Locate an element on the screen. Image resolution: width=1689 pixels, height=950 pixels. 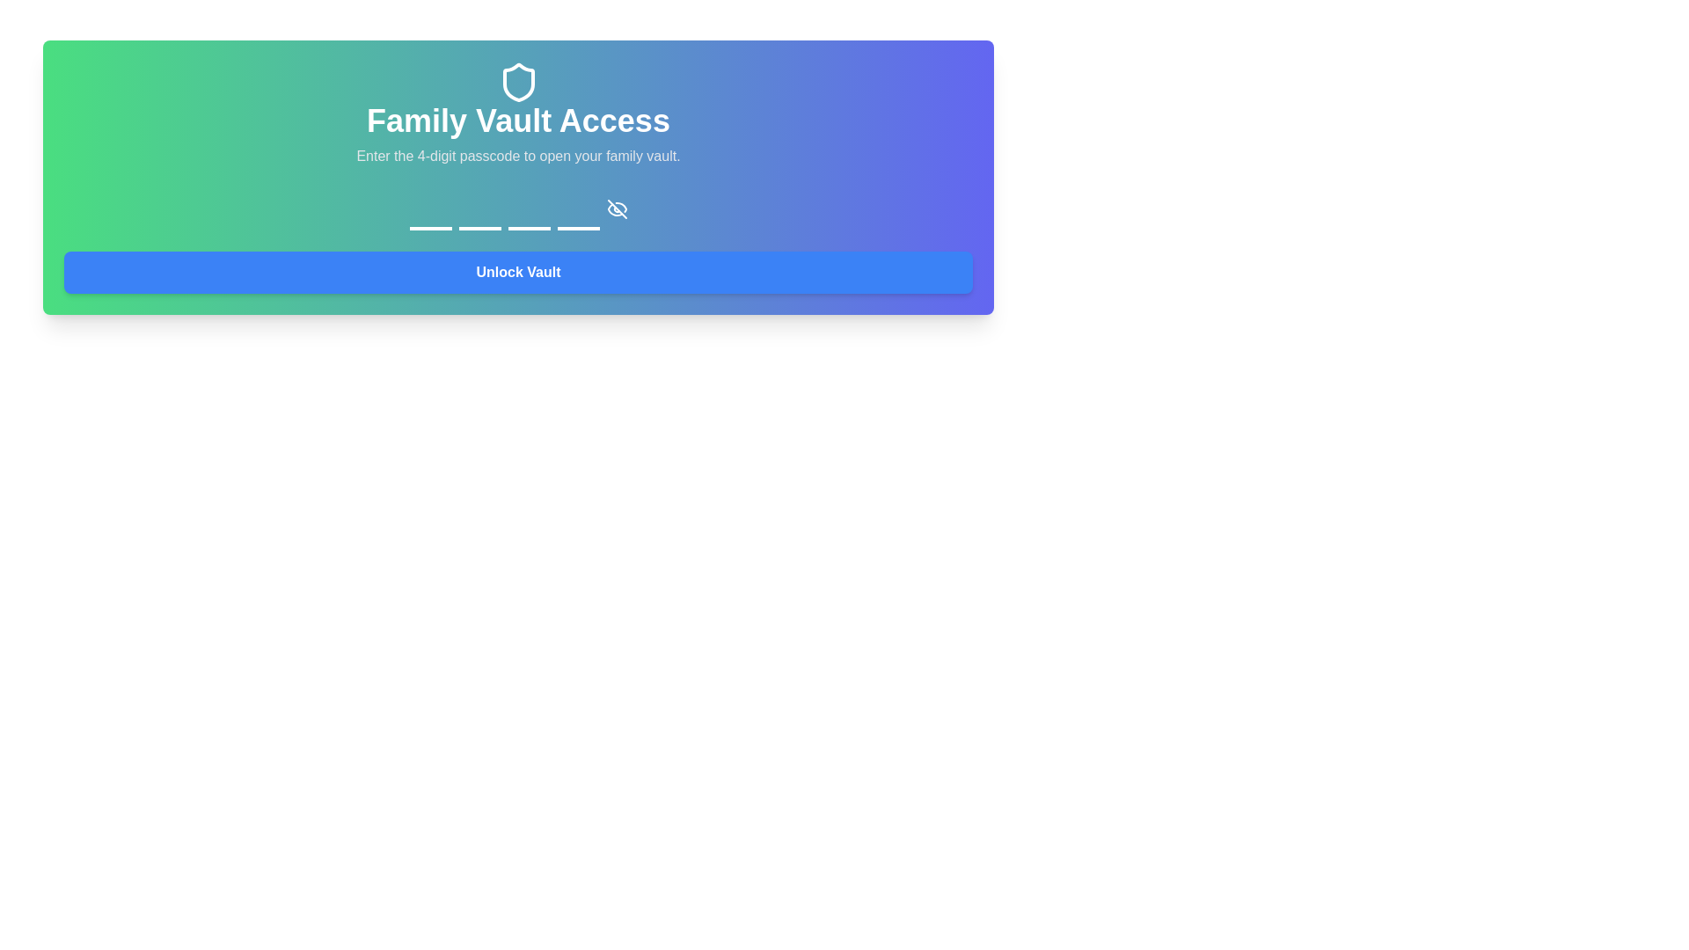
the visibility toggle button represented by an eye icon with a diagonal line crossing it is located at coordinates (617, 208).